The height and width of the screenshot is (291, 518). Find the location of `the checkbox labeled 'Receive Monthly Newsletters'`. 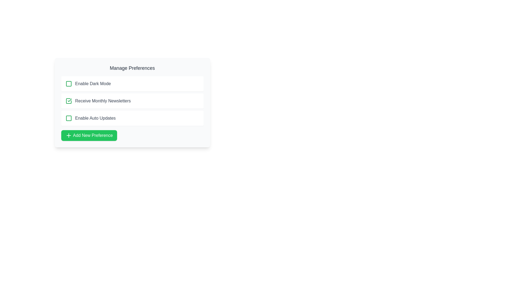

the checkbox labeled 'Receive Monthly Newsletters' is located at coordinates (132, 101).